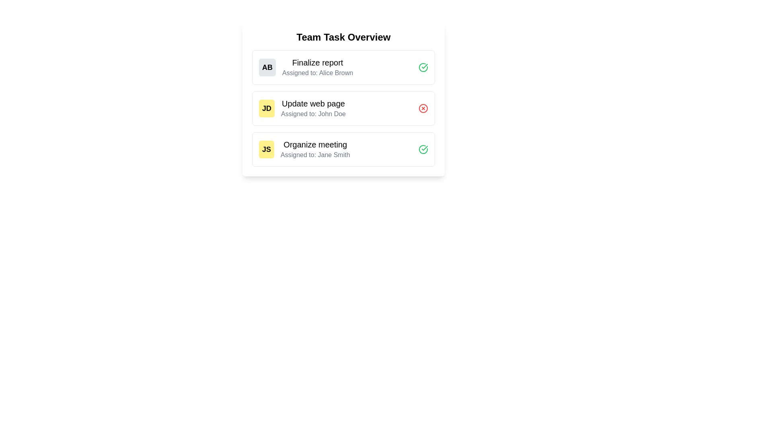 The height and width of the screenshot is (434, 772). What do you see at coordinates (343, 37) in the screenshot?
I see `text heading 'Team Task Overview' which is displayed in a bold, large font at the top center of the card layout` at bounding box center [343, 37].